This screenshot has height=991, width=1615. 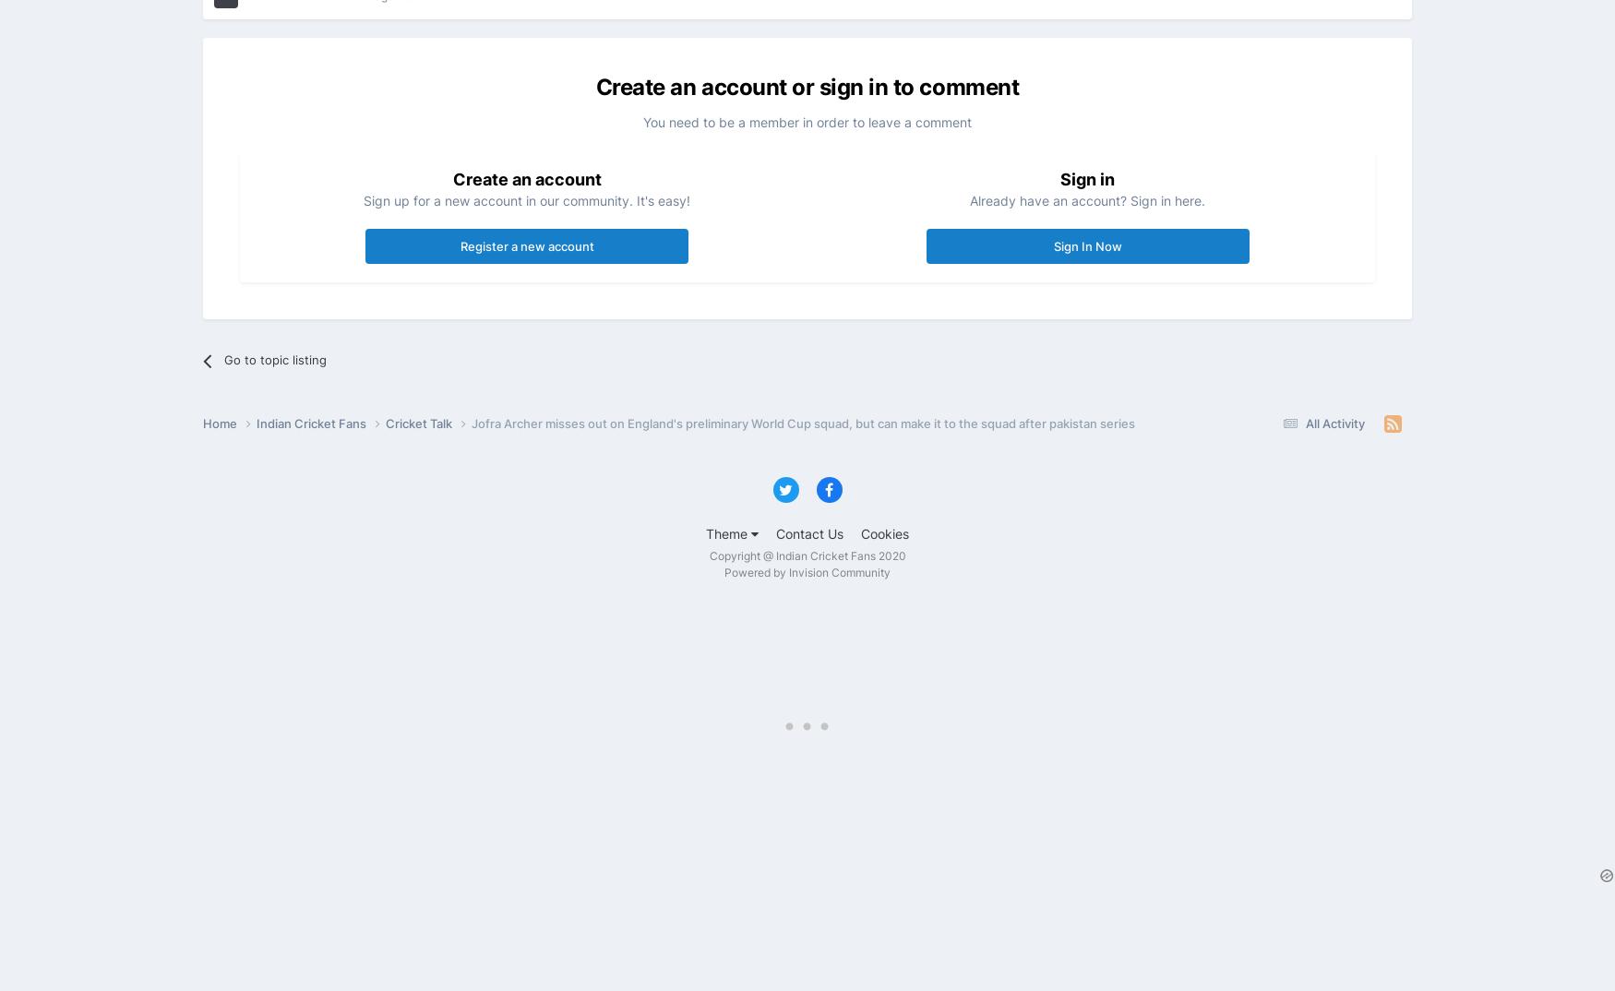 I want to click on 'Create an account', so click(x=526, y=178).